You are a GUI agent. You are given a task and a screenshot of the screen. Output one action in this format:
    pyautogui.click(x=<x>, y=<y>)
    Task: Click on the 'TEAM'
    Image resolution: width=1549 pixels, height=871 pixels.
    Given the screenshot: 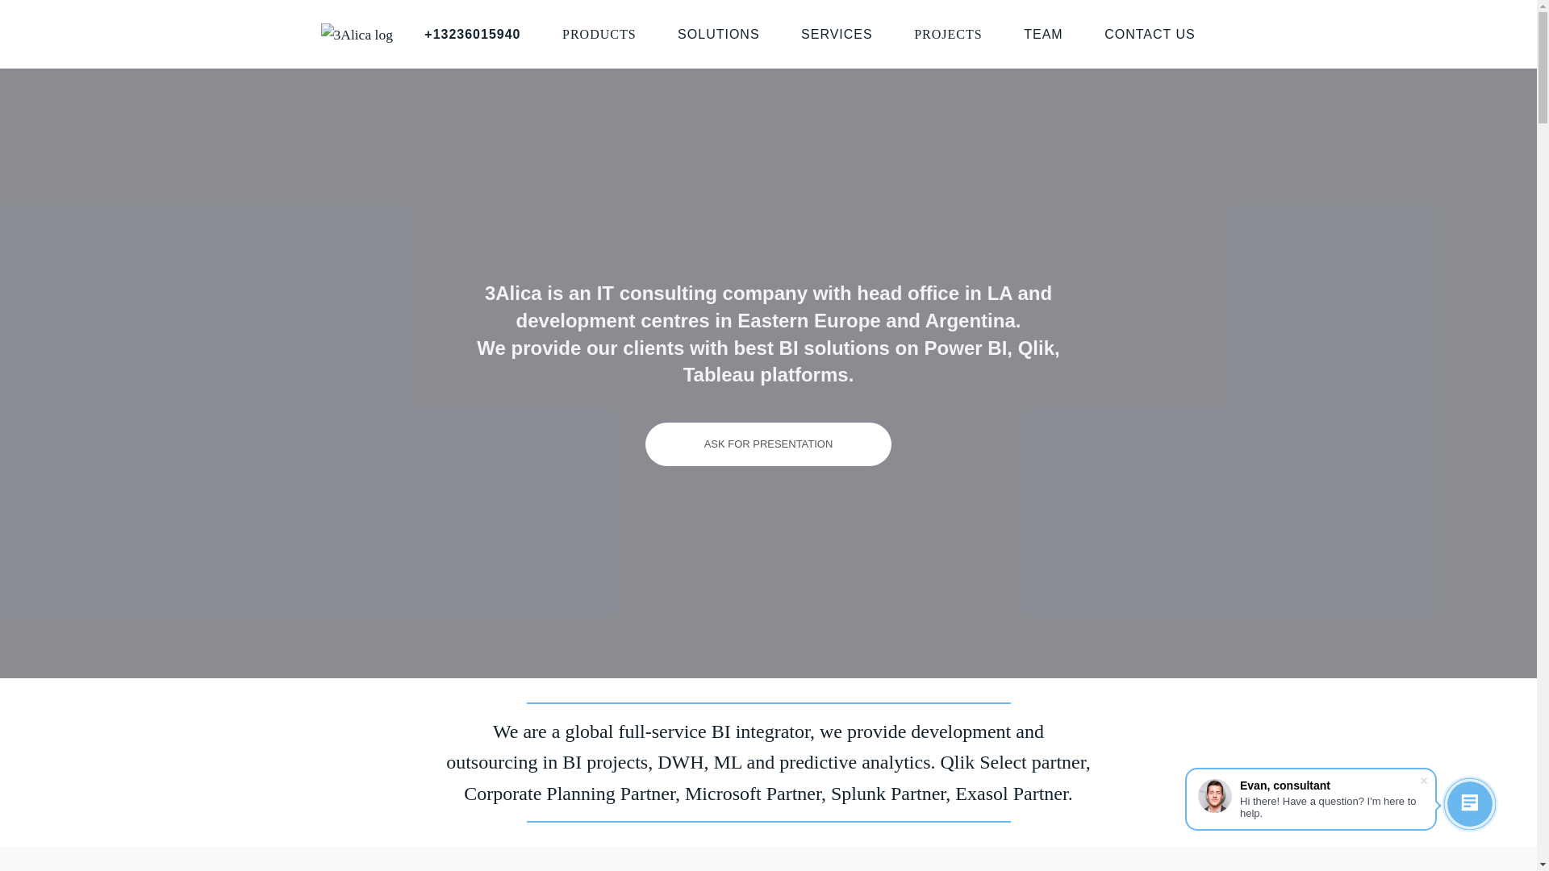 What is the action you would take?
    pyautogui.click(x=1042, y=34)
    